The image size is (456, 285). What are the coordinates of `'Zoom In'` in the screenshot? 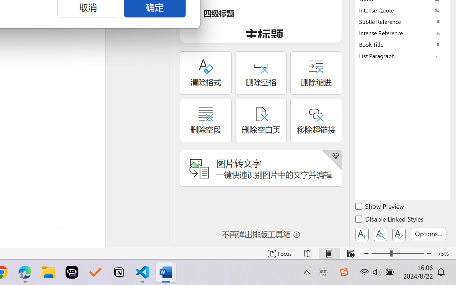 It's located at (429, 253).